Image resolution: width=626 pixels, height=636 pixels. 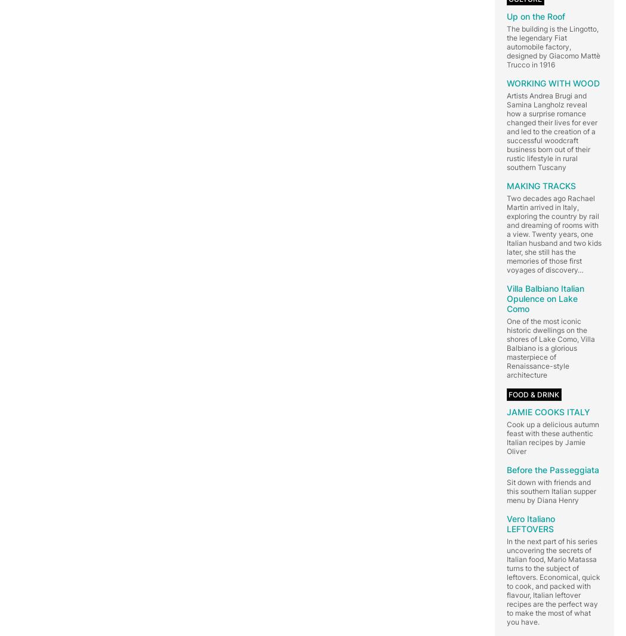 What do you see at coordinates (541, 185) in the screenshot?
I see `'MAKING TRACKS'` at bounding box center [541, 185].